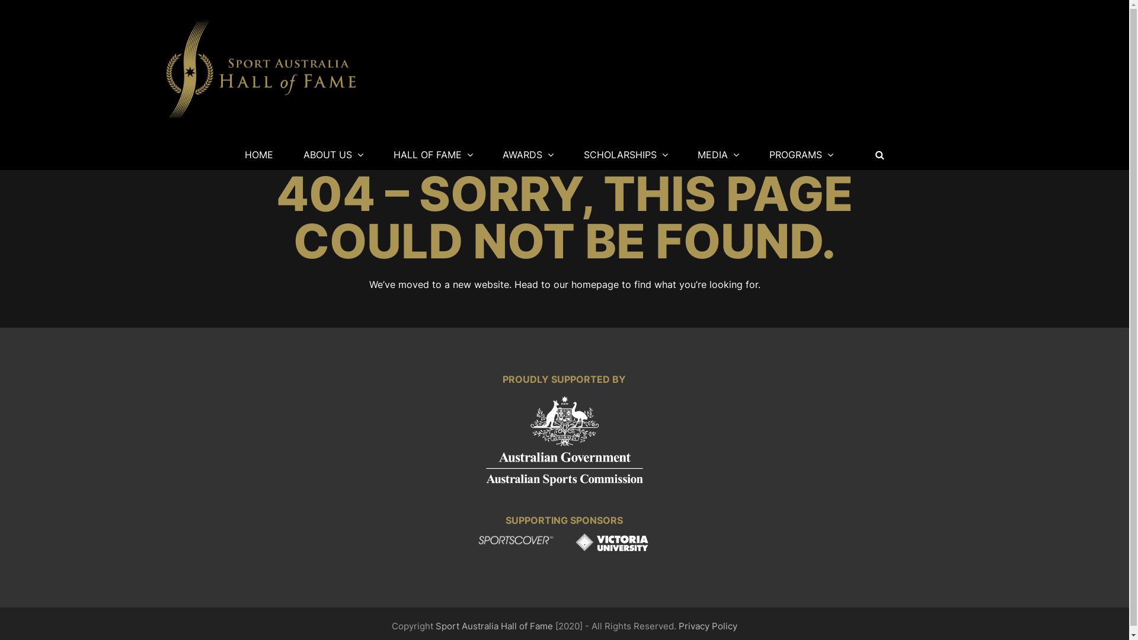 The width and height of the screenshot is (1138, 640). Describe the element at coordinates (570, 154) in the screenshot. I see `'SCHOLARSHIPS'` at that location.